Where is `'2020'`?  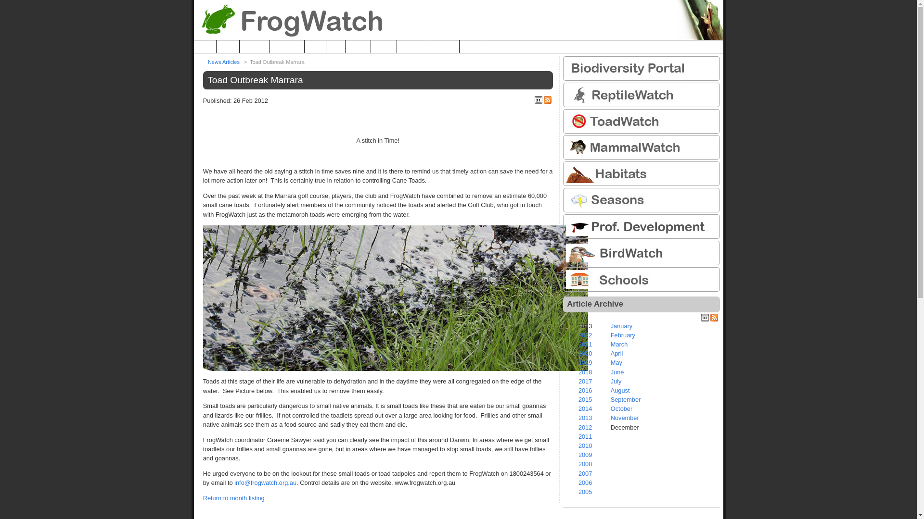
'2020' is located at coordinates (584, 353).